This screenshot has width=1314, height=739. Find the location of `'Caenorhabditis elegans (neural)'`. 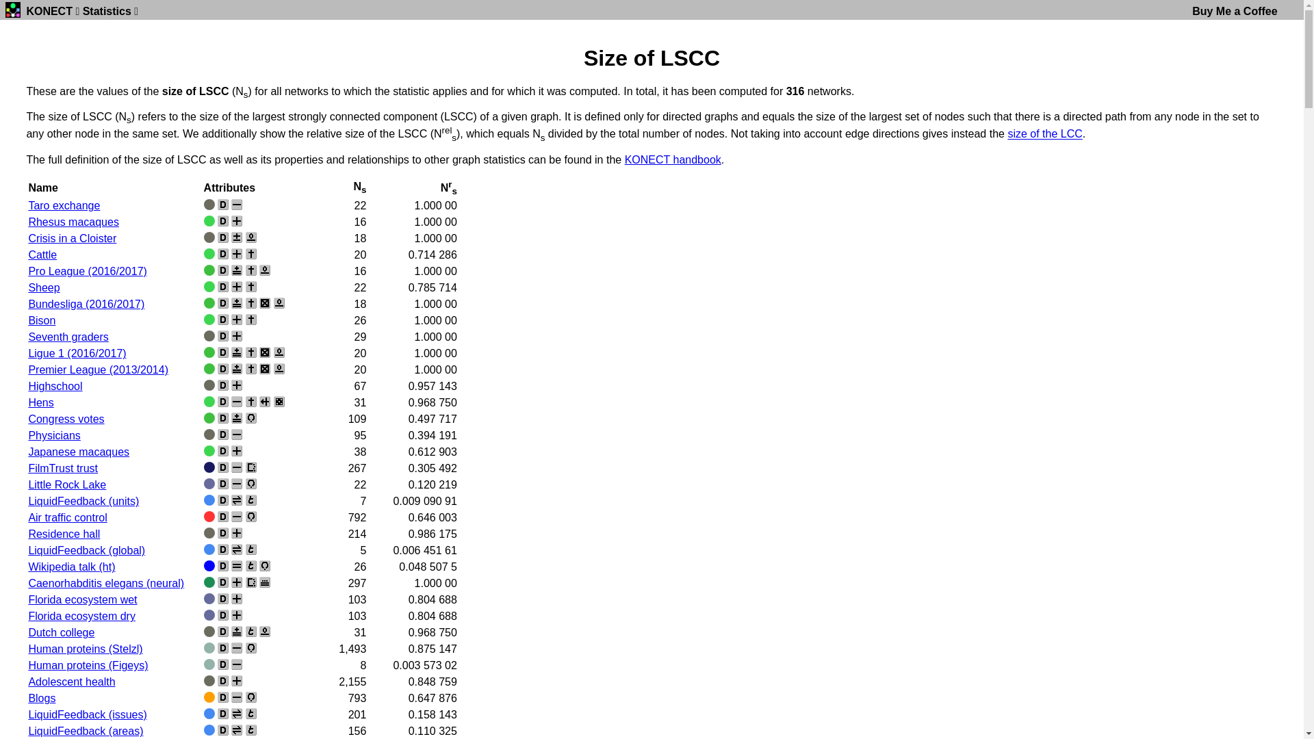

'Caenorhabditis elegans (neural)' is located at coordinates (105, 583).